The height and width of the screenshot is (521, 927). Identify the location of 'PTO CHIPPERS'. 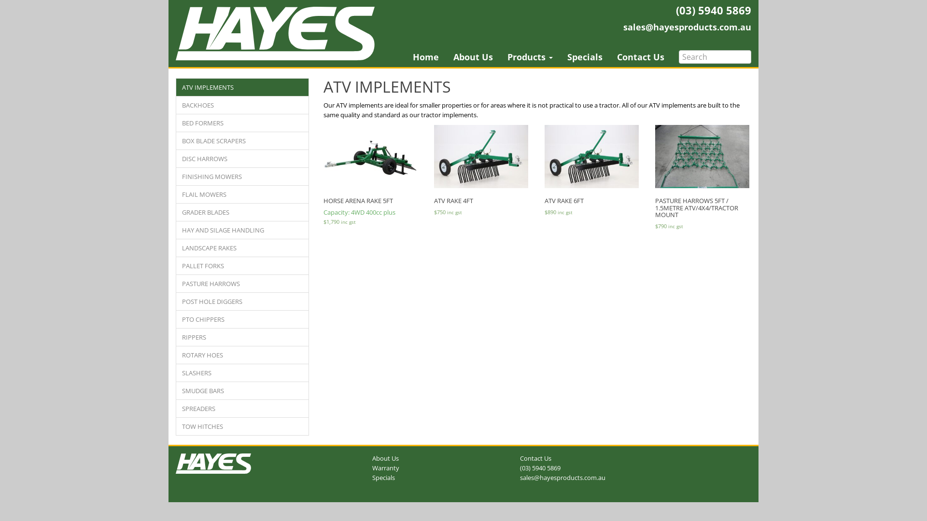
(242, 319).